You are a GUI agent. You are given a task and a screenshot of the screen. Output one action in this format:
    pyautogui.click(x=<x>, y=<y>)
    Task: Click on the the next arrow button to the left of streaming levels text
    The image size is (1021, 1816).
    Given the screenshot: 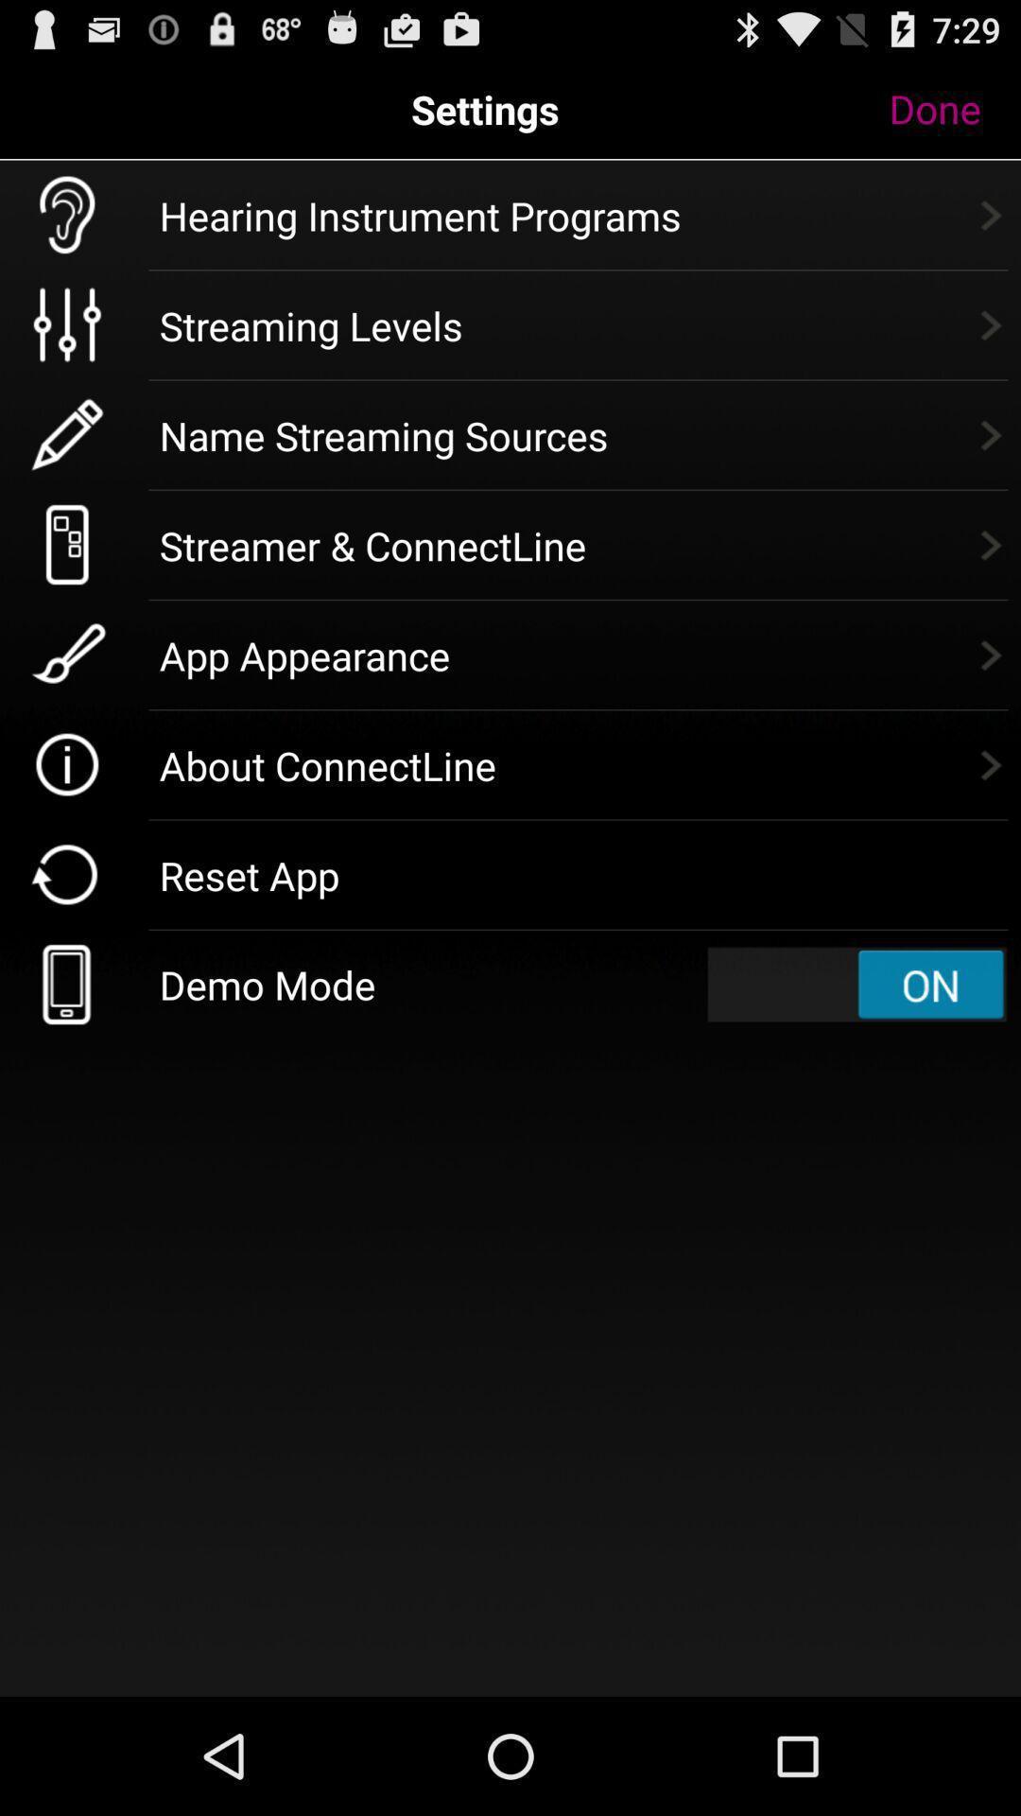 What is the action you would take?
    pyautogui.click(x=988, y=325)
    